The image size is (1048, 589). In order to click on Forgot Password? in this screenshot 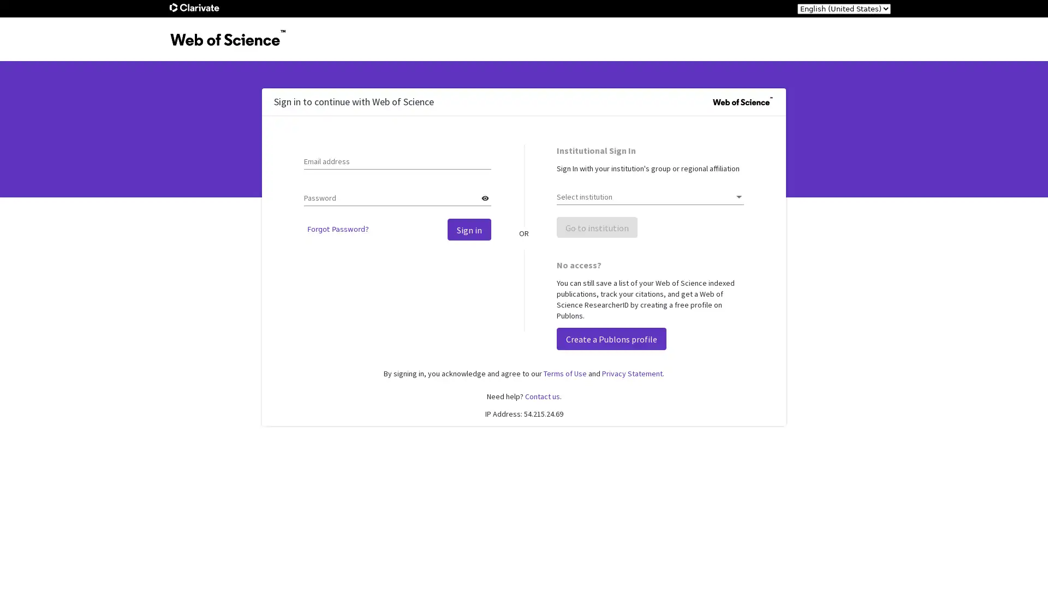, I will do `click(337, 229)`.